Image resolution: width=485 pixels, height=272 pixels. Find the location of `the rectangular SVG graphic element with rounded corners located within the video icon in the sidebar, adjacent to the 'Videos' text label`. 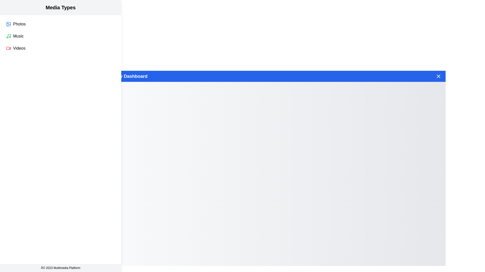

the rectangular SVG graphic element with rounded corners located within the video icon in the sidebar, adjacent to the 'Videos' text label is located at coordinates (8, 48).